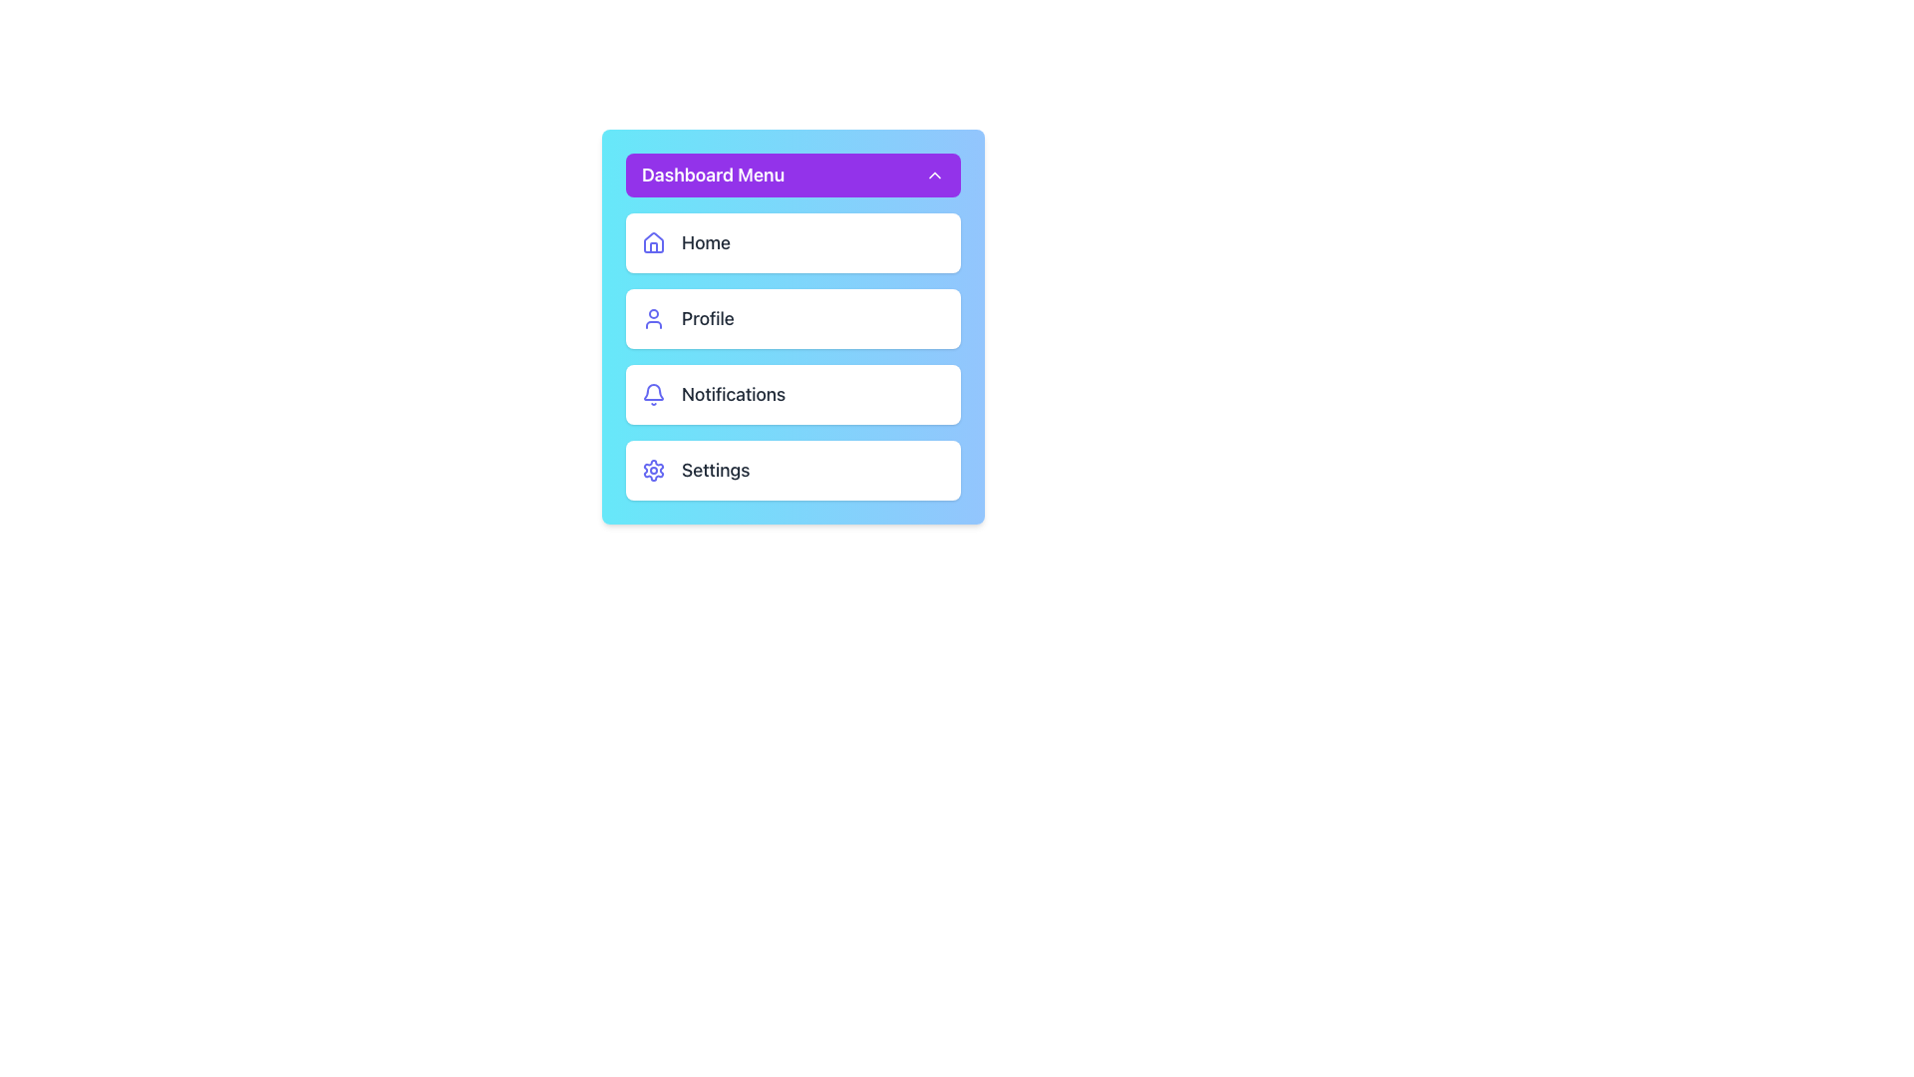  I want to click on the notification menu option within the vertical navigation panel, so click(793, 395).